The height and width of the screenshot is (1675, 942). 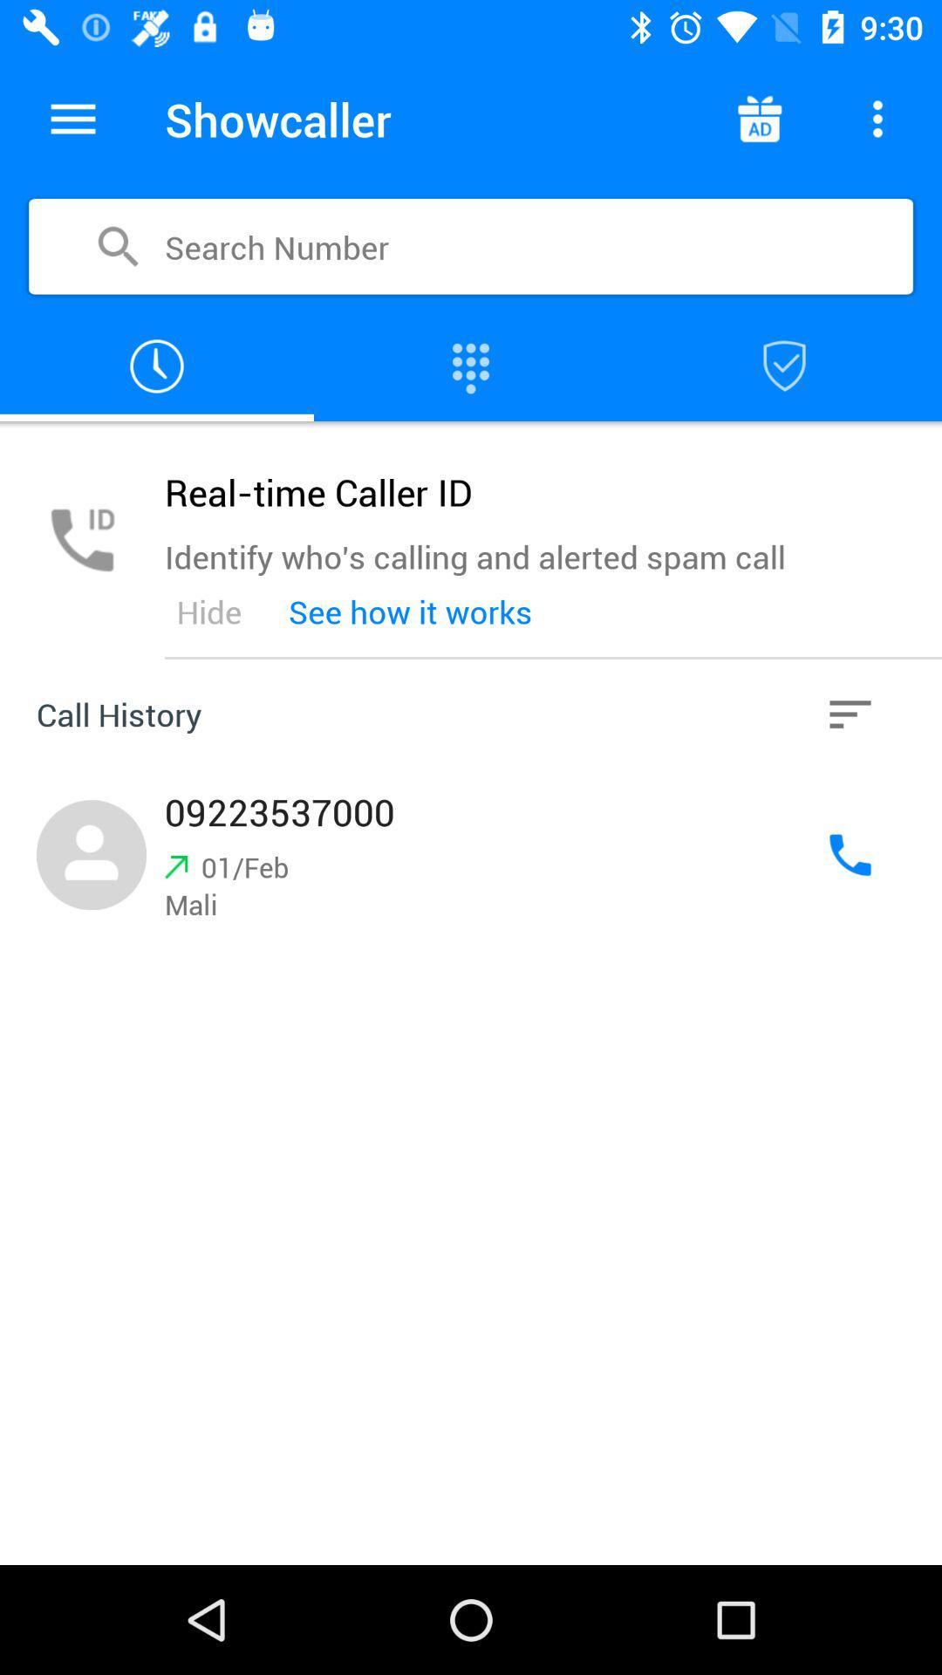 What do you see at coordinates (877, 118) in the screenshot?
I see `the more icon` at bounding box center [877, 118].